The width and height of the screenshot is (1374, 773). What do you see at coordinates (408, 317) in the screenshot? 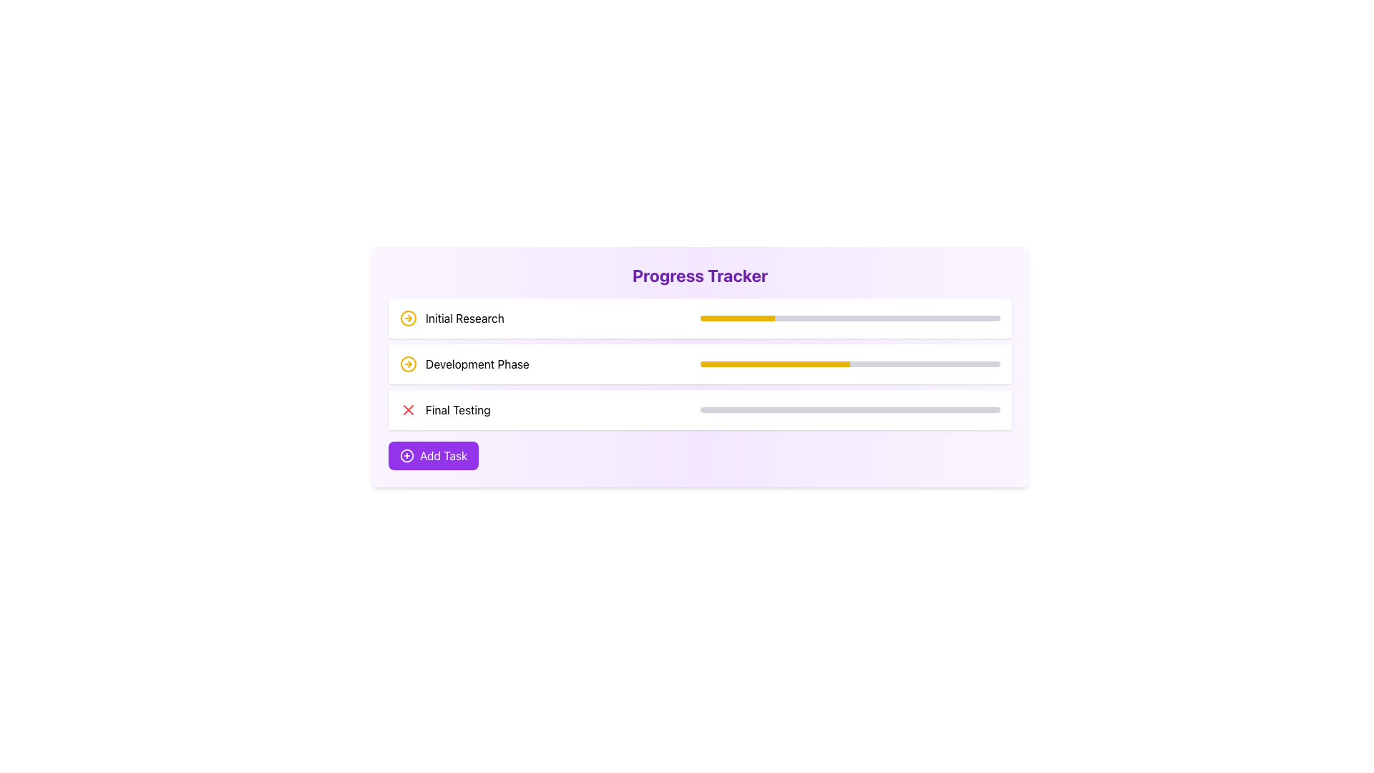
I see `the circular icon with a yellow outline and a right-facing arrow located to the left of the 'Initial Research' label in the progress tracker interface` at bounding box center [408, 317].